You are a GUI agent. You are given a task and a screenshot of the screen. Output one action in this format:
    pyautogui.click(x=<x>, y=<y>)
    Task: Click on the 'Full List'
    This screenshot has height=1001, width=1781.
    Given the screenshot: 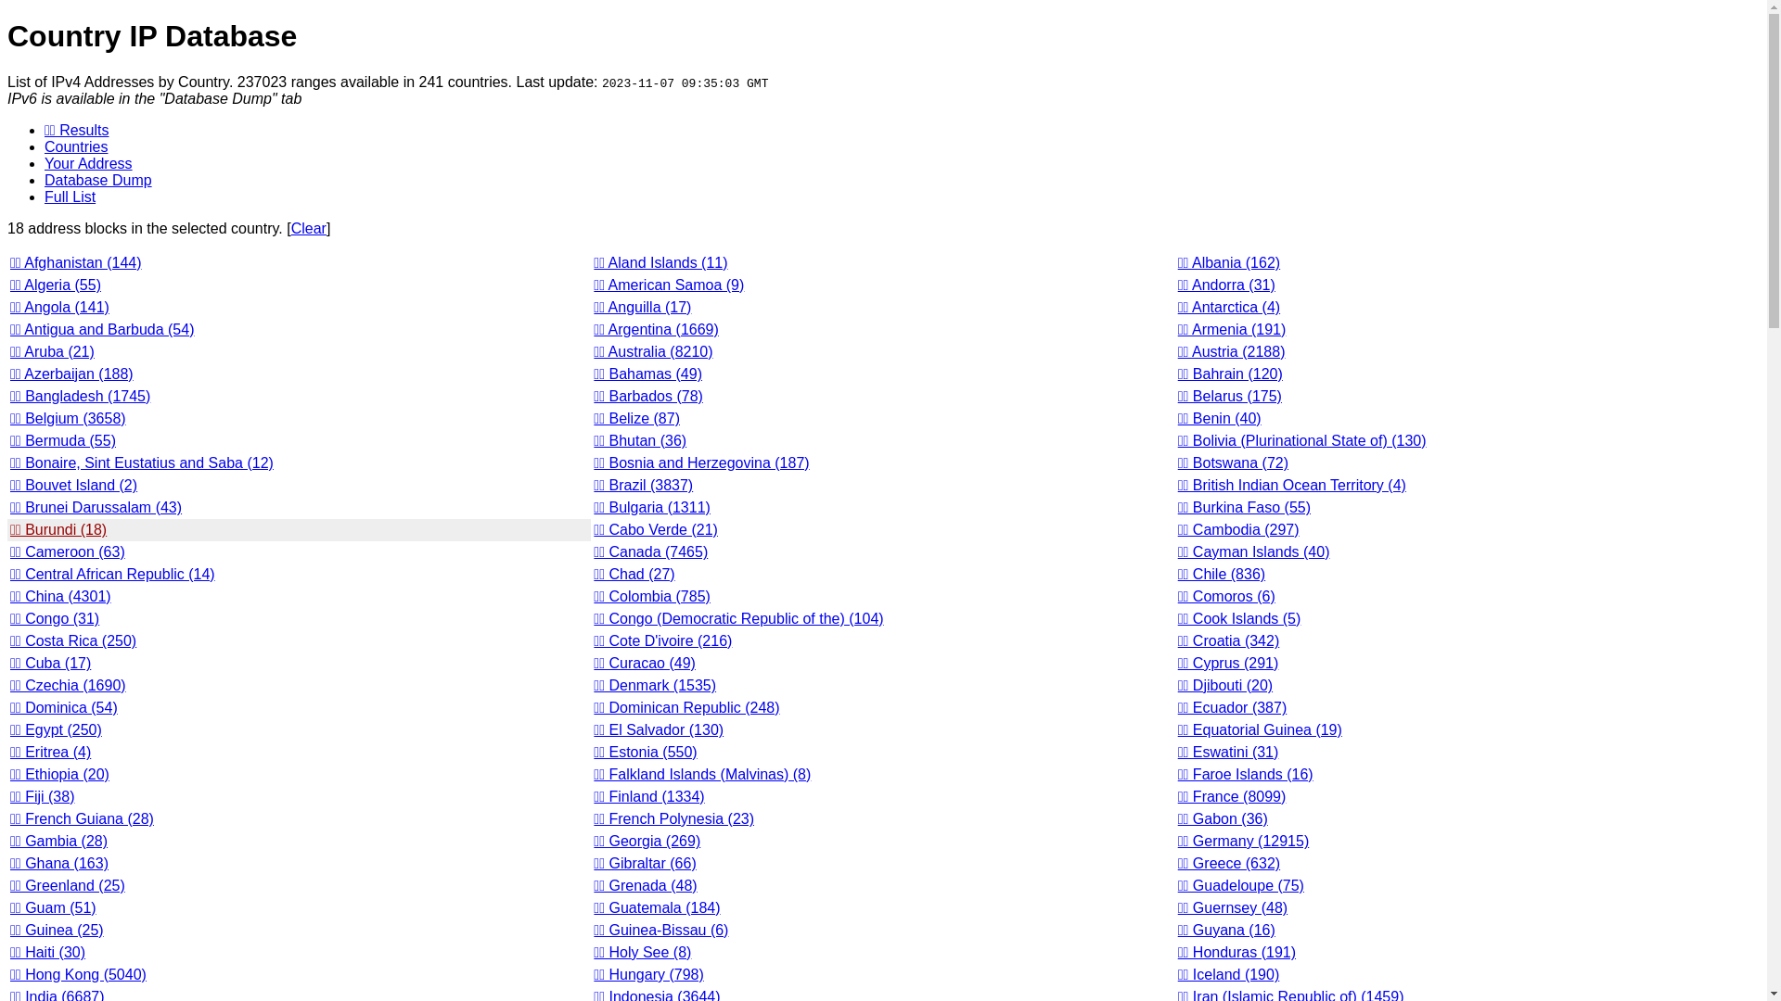 What is the action you would take?
    pyautogui.click(x=70, y=196)
    